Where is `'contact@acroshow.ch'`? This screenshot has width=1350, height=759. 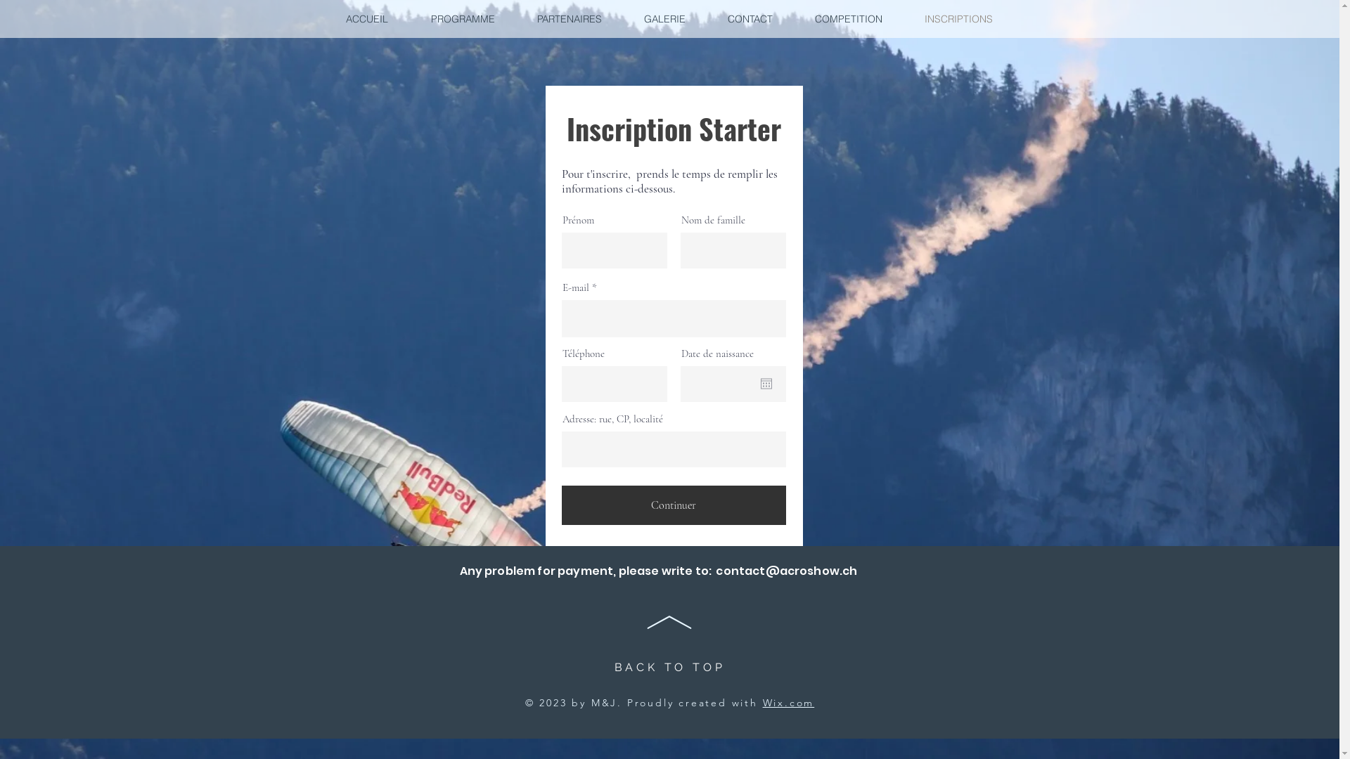 'contact@acroshow.ch' is located at coordinates (785, 571).